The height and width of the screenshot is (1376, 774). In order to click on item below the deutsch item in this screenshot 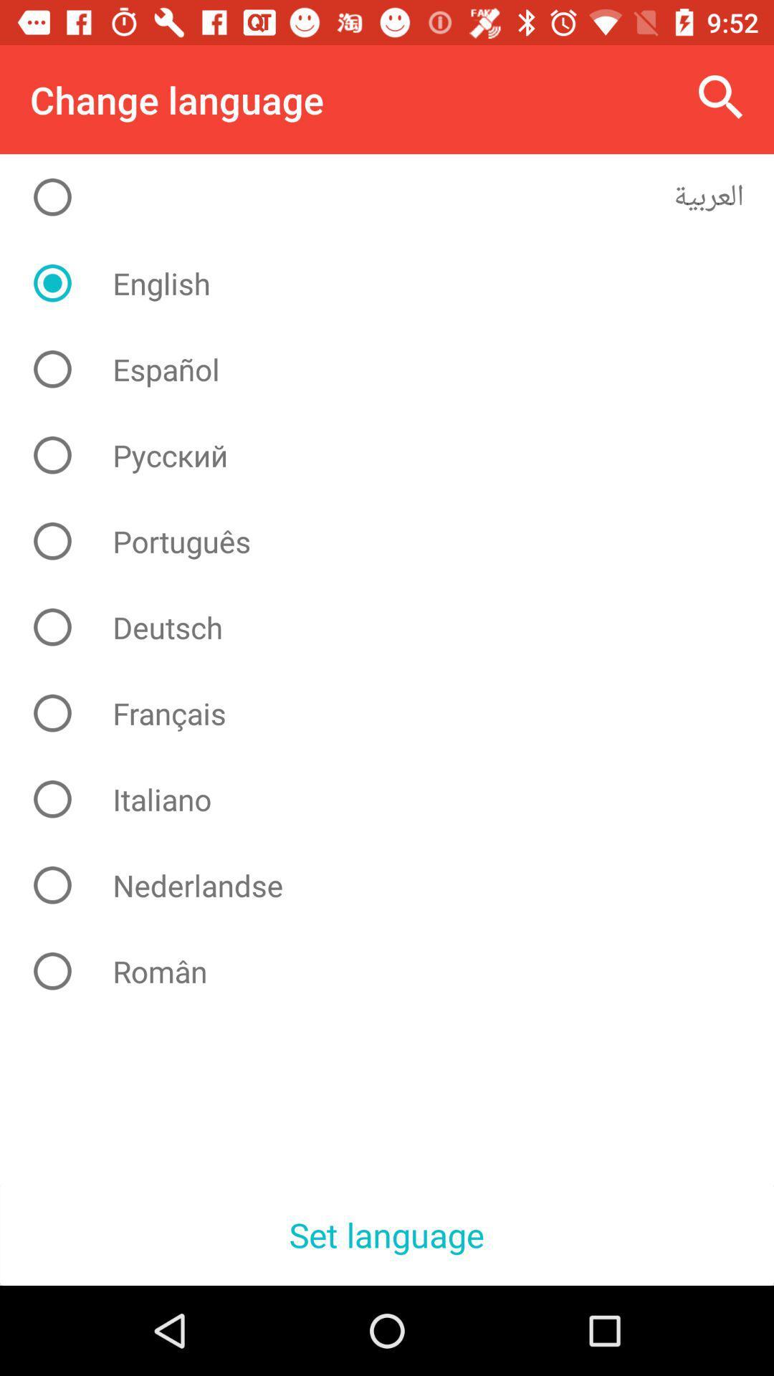, I will do `click(398, 713)`.